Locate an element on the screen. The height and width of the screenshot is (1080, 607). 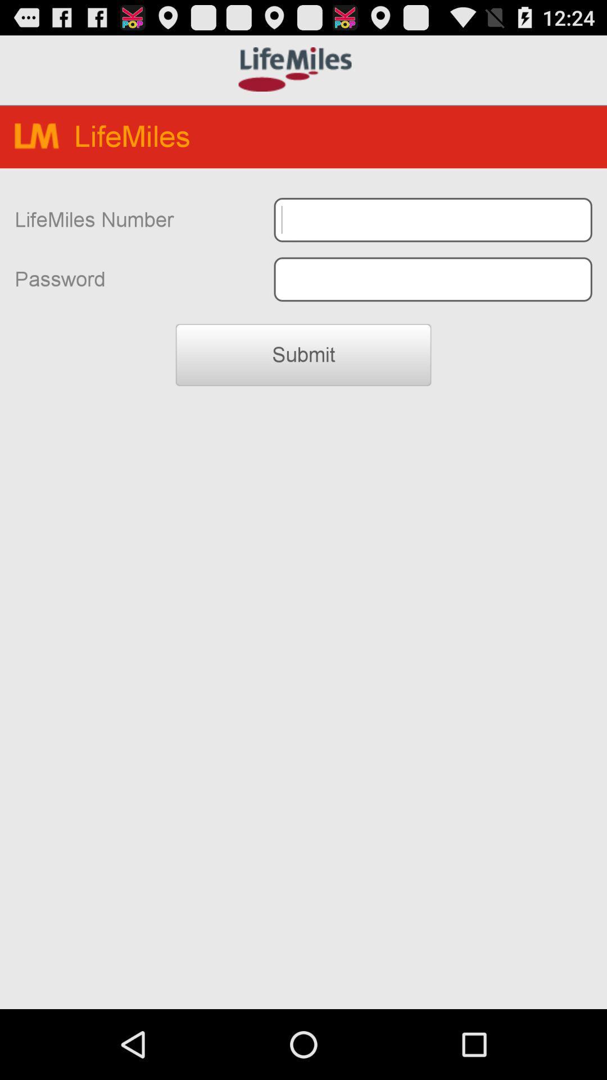
lifemiles number is located at coordinates (432, 220).